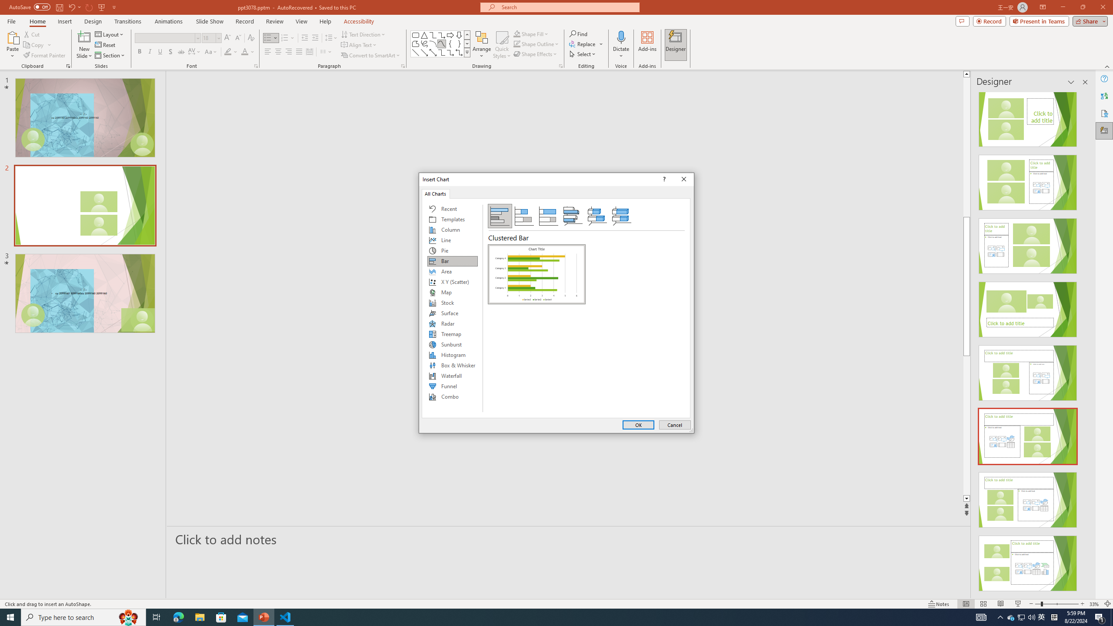 This screenshot has width=1113, height=626. I want to click on 'Reset', so click(105, 45).